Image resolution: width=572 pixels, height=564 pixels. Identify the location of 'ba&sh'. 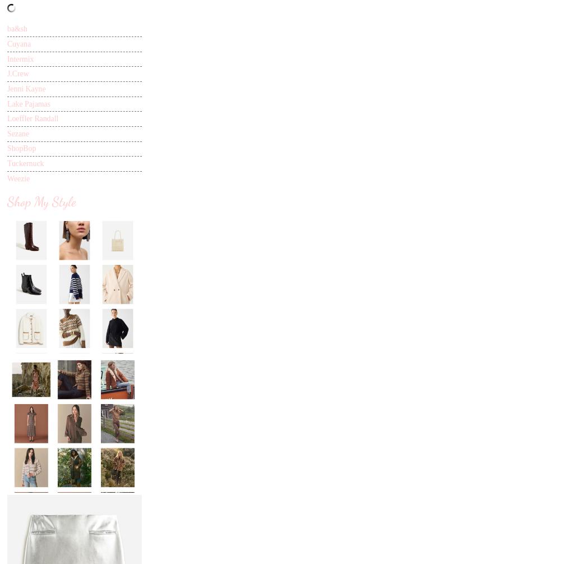
(17, 29).